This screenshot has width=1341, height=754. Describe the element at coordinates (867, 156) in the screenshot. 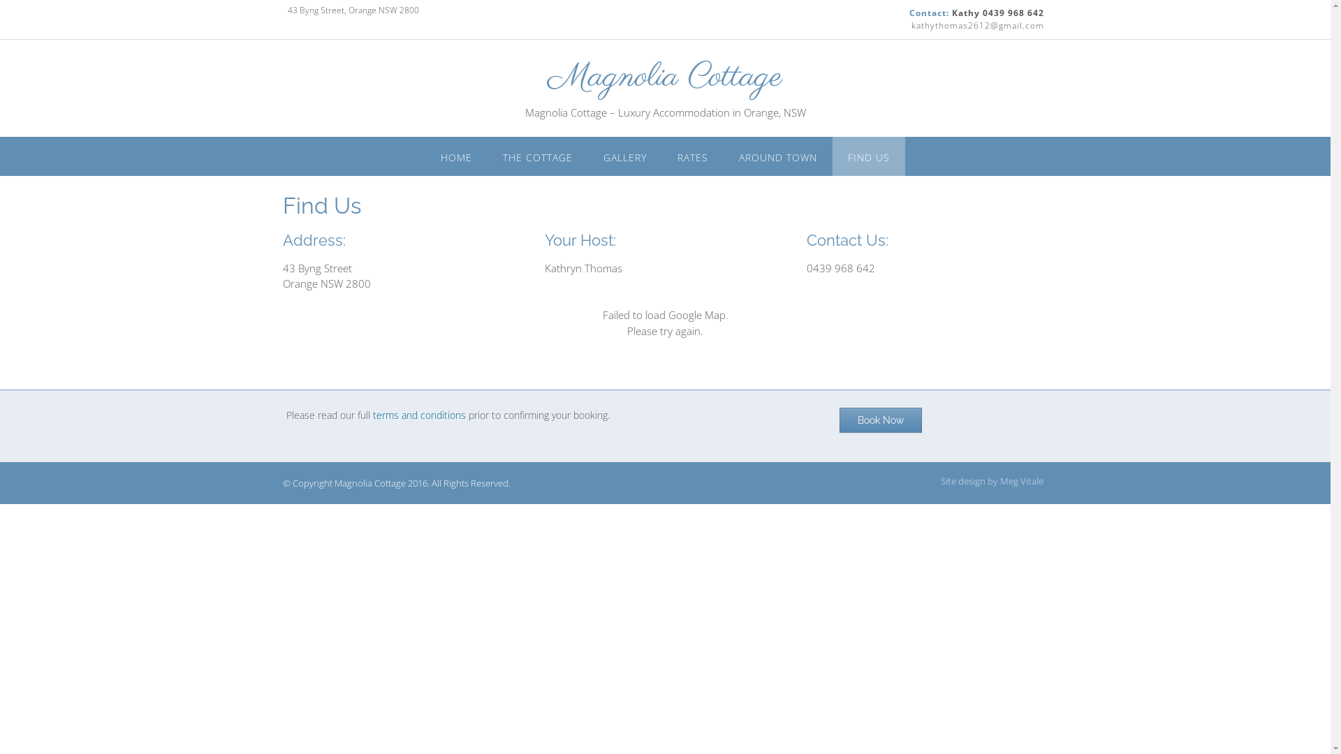

I see `'FIND US'` at that location.